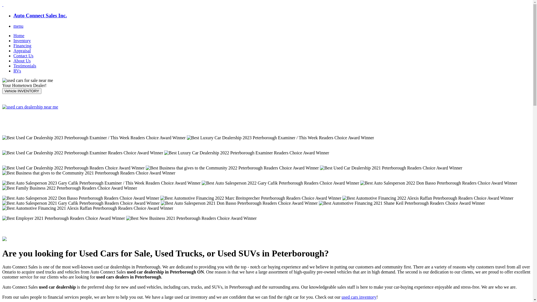  Describe the element at coordinates (22, 40) in the screenshot. I see `'Inventory'` at that location.